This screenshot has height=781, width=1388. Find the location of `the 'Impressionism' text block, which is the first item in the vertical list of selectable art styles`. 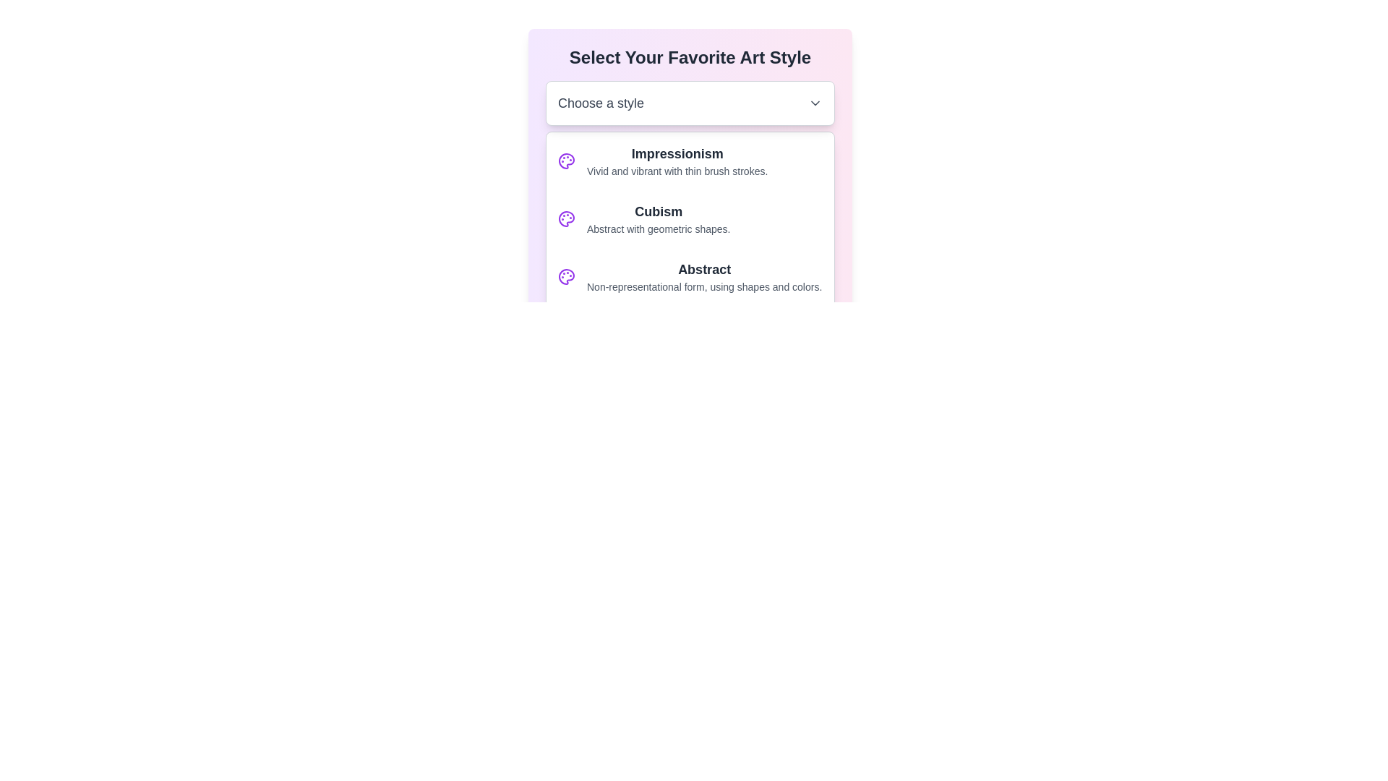

the 'Impressionism' text block, which is the first item in the vertical list of selectable art styles is located at coordinates (677, 161).